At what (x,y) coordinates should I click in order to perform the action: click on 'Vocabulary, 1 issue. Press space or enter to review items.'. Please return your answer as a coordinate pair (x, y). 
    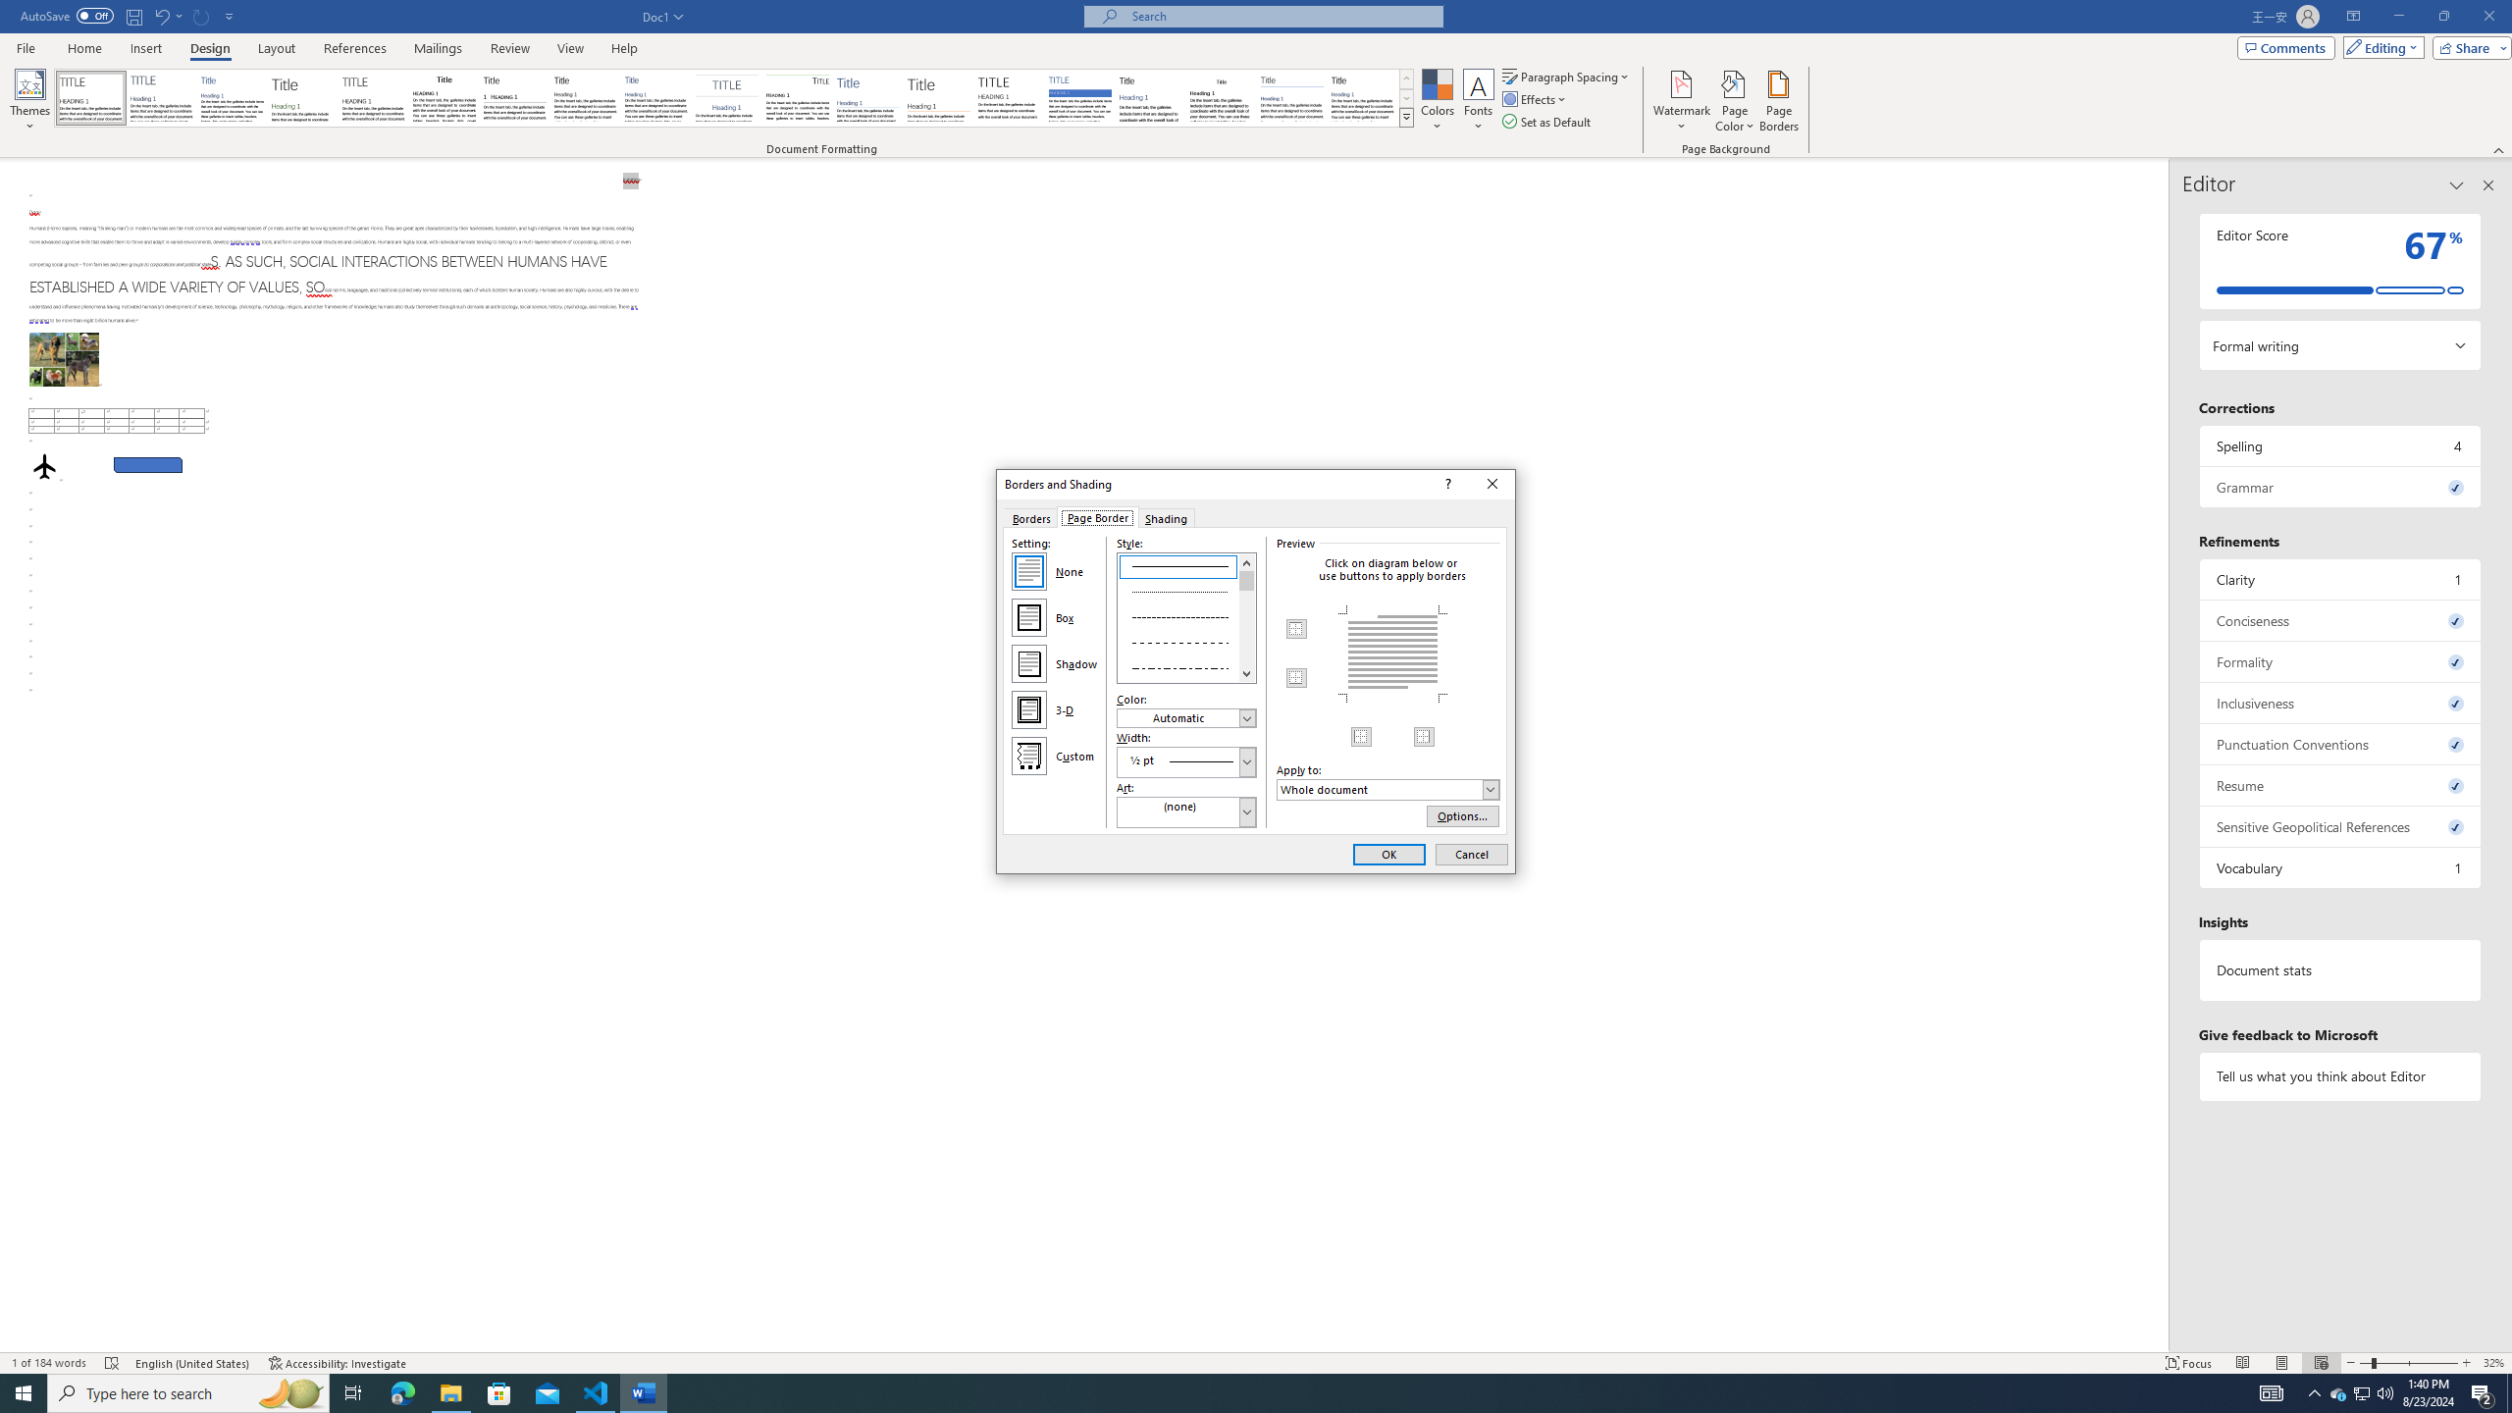
    Looking at the image, I should click on (2339, 867).